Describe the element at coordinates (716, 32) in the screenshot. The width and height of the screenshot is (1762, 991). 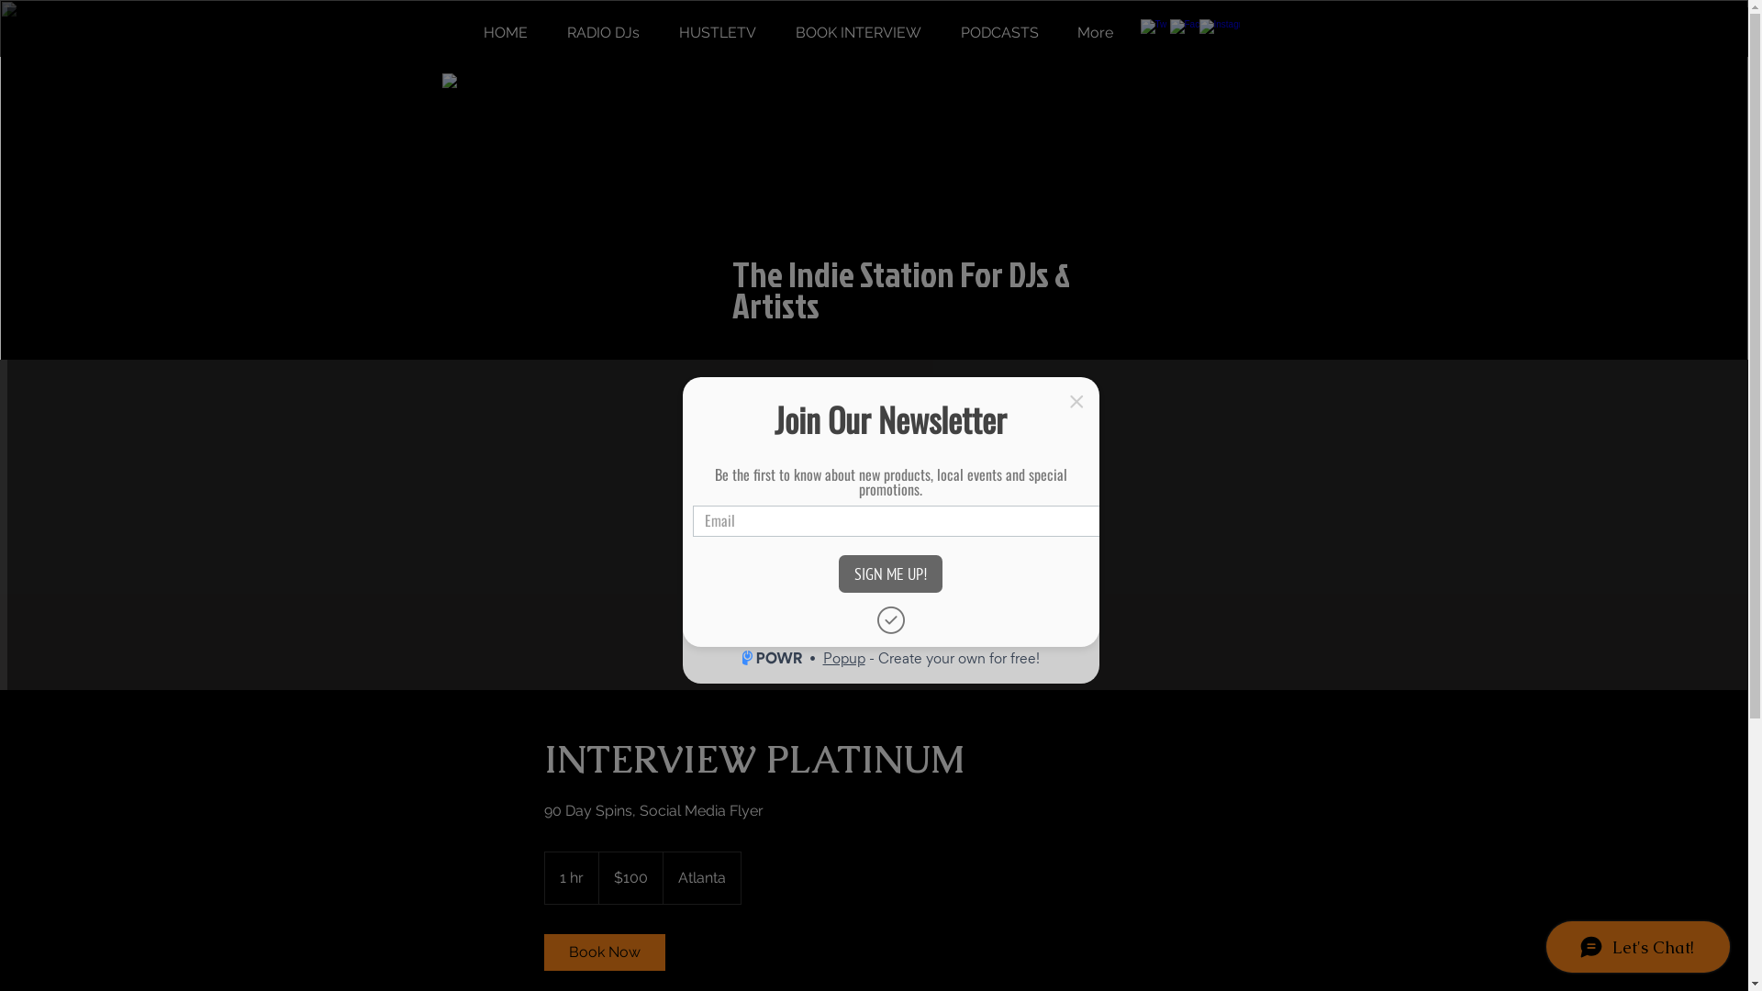
I see `'HUSTLETV'` at that location.